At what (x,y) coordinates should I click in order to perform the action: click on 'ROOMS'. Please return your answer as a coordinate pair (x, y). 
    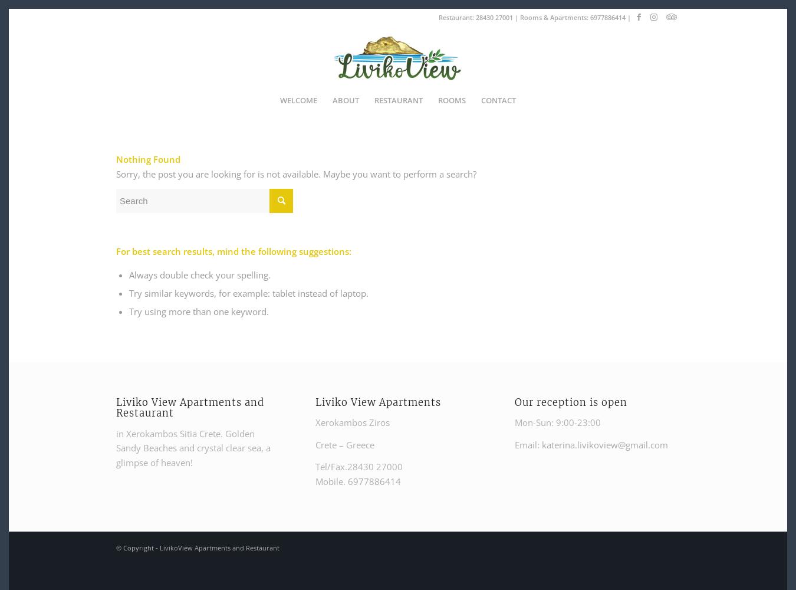
    Looking at the image, I should click on (451, 100).